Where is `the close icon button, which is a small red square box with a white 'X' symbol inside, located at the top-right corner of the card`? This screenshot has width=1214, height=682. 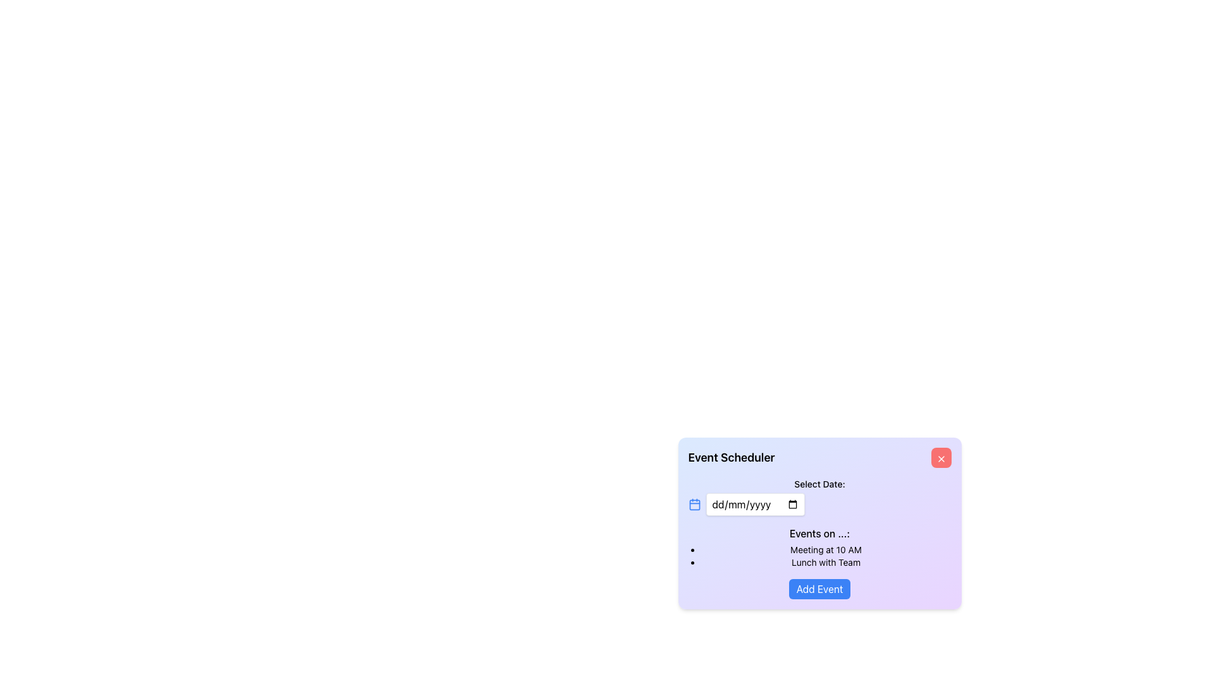
the close icon button, which is a small red square box with a white 'X' symbol inside, located at the top-right corner of the card is located at coordinates (941, 458).